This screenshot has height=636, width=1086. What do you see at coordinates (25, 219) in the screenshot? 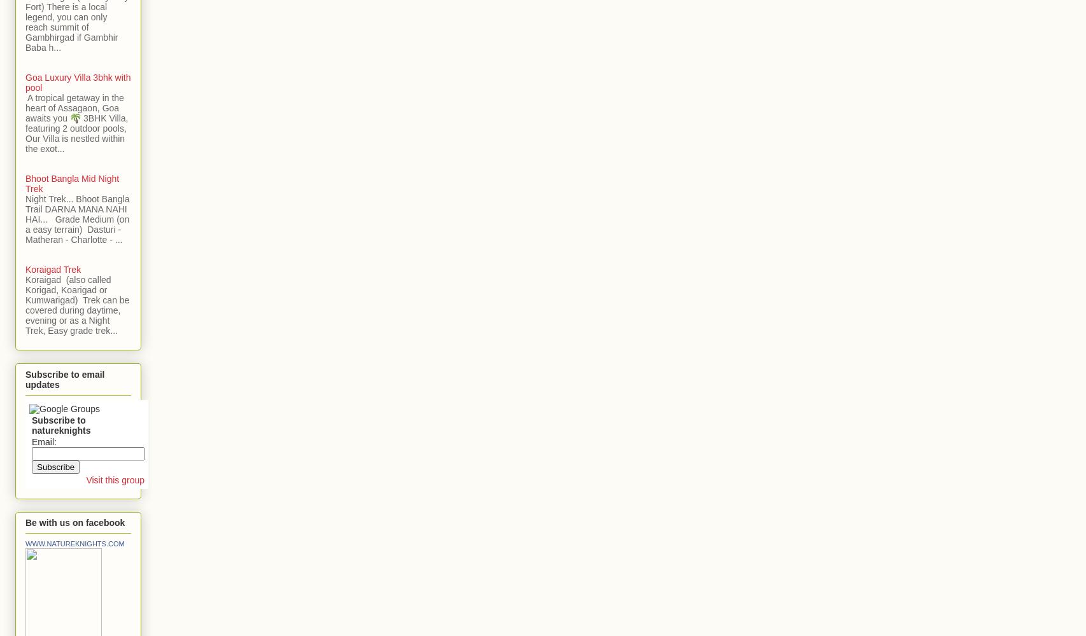
I see `'Night Trek... Bhoot Bangla Trail     DARNA MANA NAHI HAI...       Grade Medium (on a easy terrain)      Dasturi - Matheran - Charlotte - ...'` at bounding box center [25, 219].